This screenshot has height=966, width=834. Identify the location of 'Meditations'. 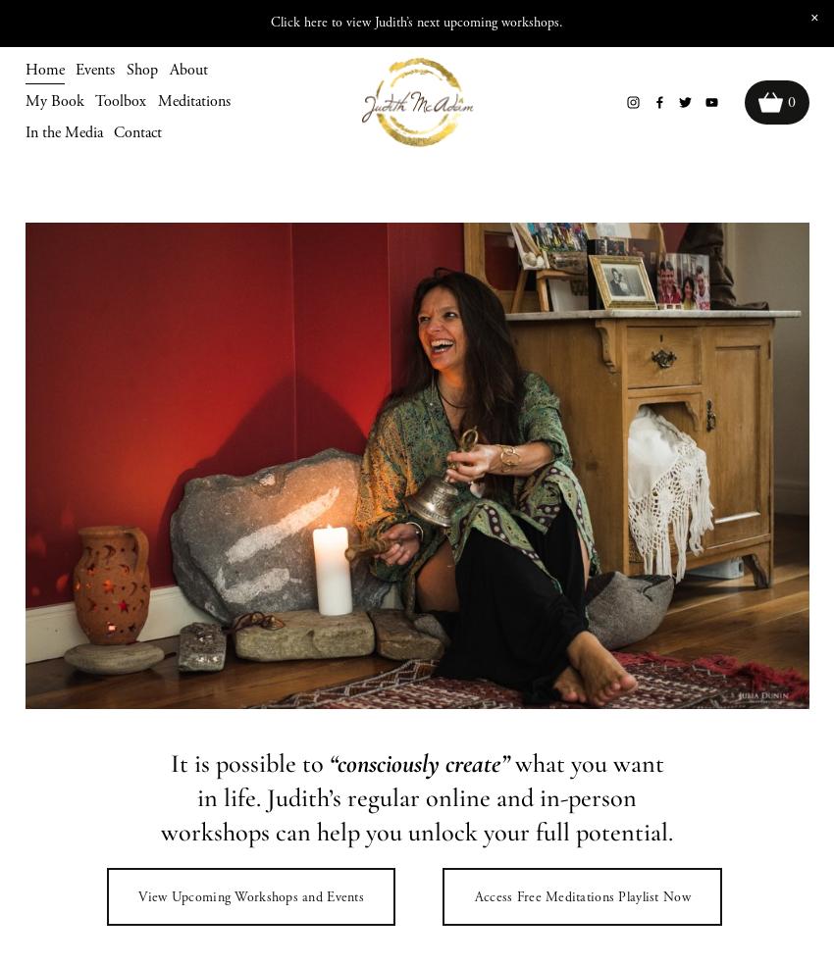
(157, 100).